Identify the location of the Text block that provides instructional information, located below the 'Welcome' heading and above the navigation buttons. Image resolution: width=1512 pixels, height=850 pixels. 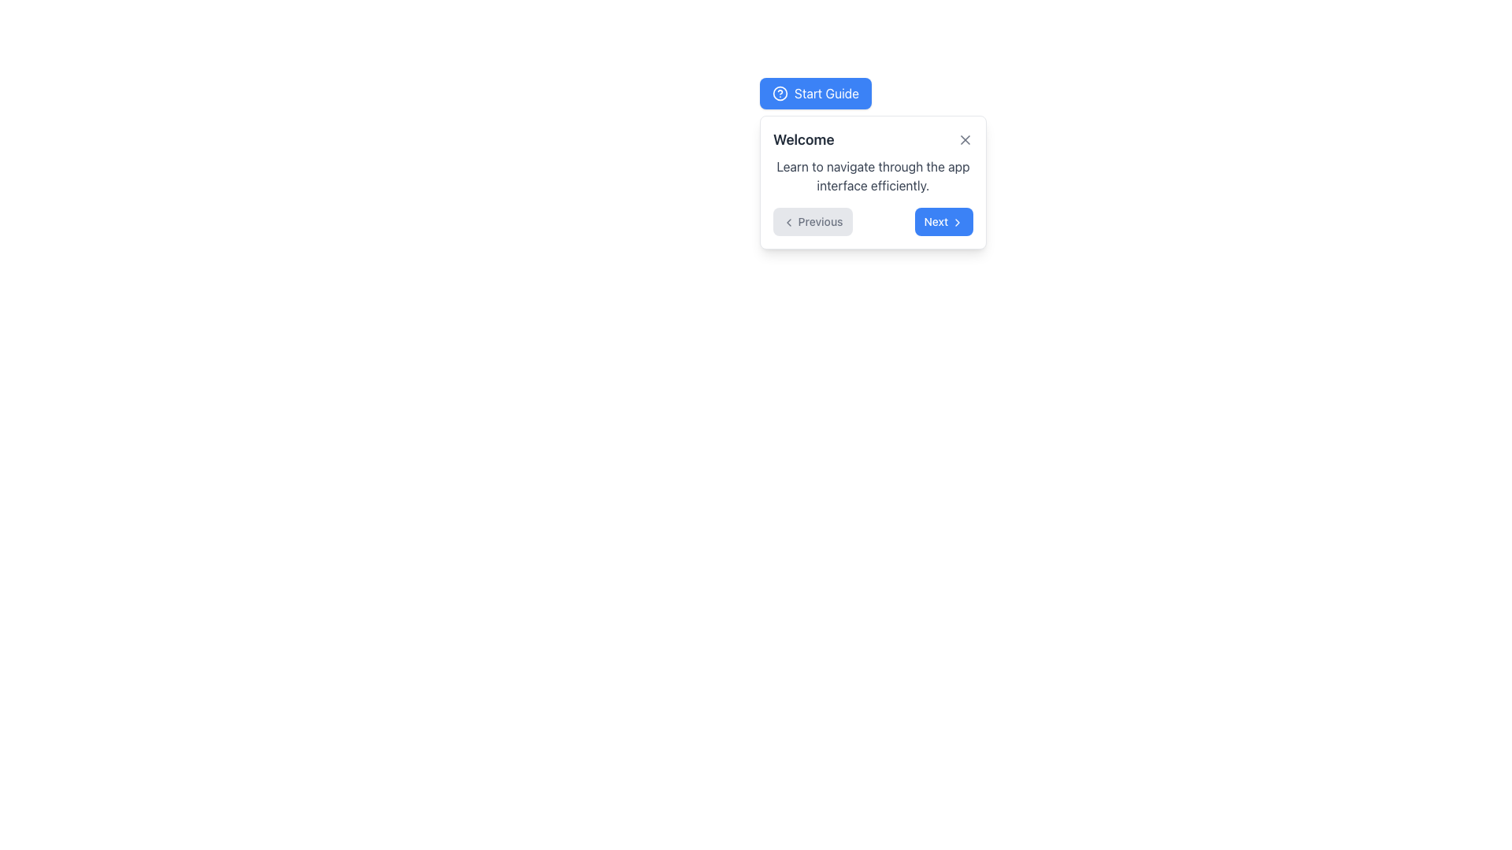
(872, 176).